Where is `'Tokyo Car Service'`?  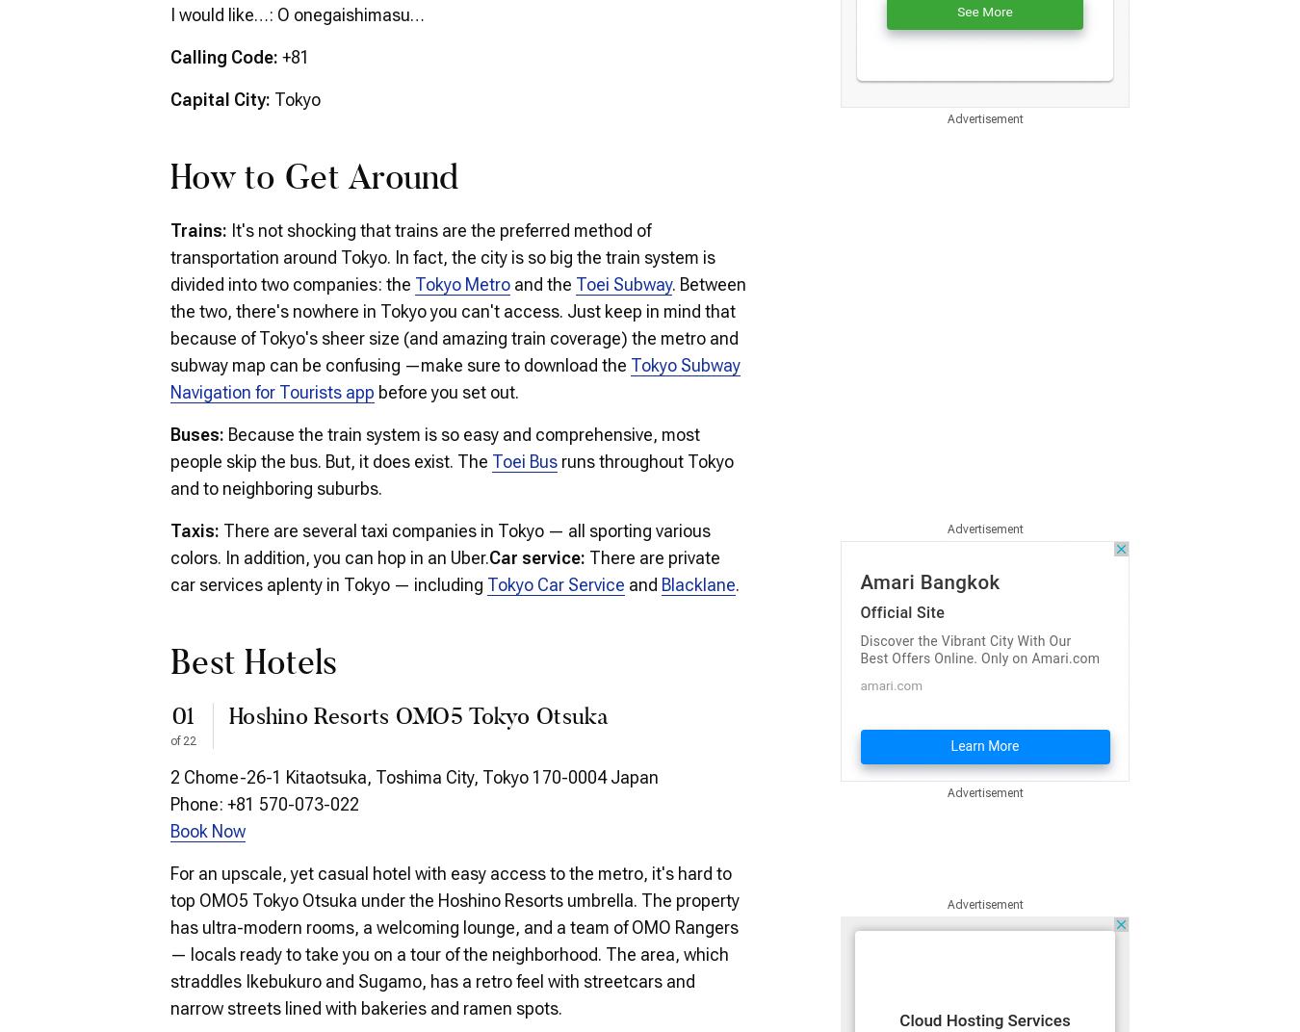 'Tokyo Car Service' is located at coordinates (556, 583).